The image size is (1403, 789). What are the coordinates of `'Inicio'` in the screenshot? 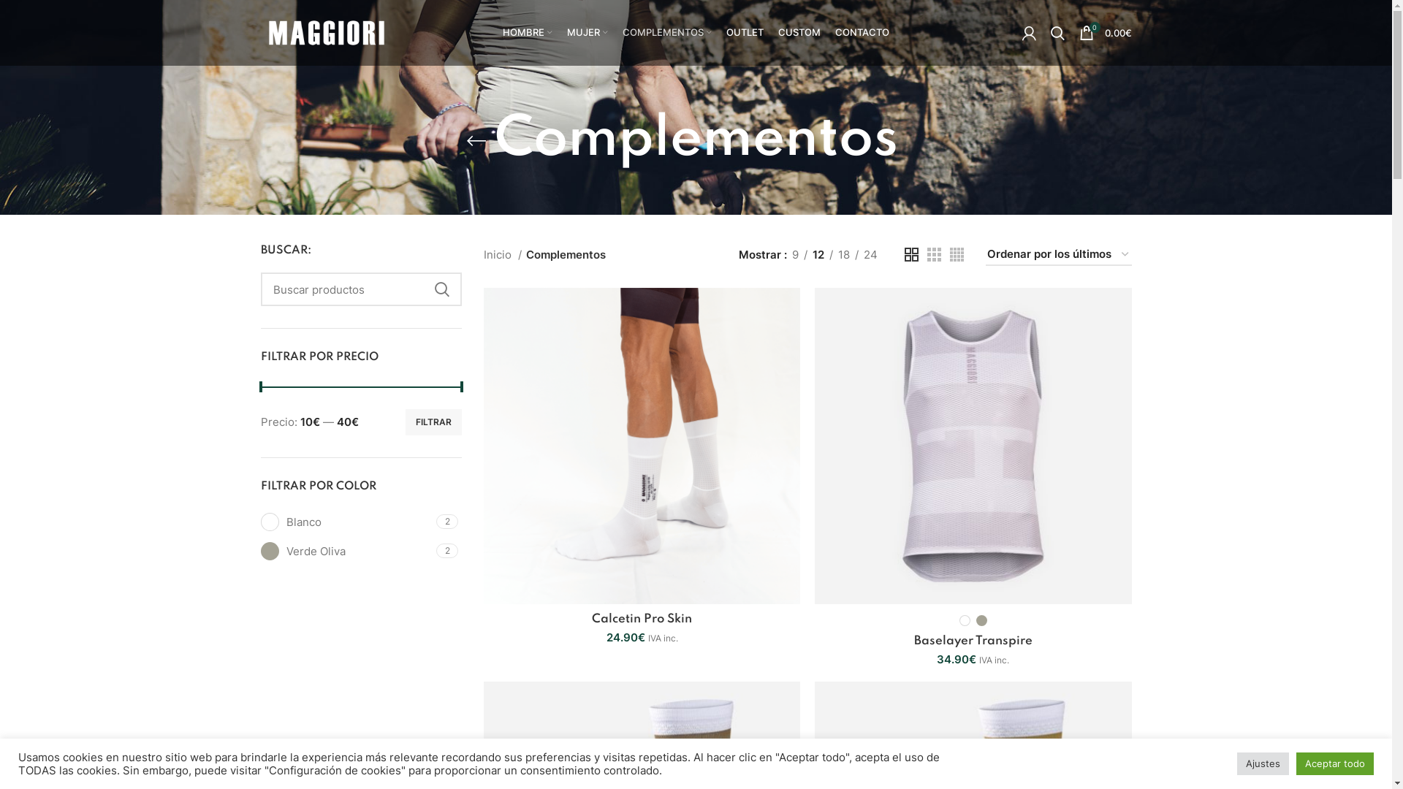 It's located at (484, 254).